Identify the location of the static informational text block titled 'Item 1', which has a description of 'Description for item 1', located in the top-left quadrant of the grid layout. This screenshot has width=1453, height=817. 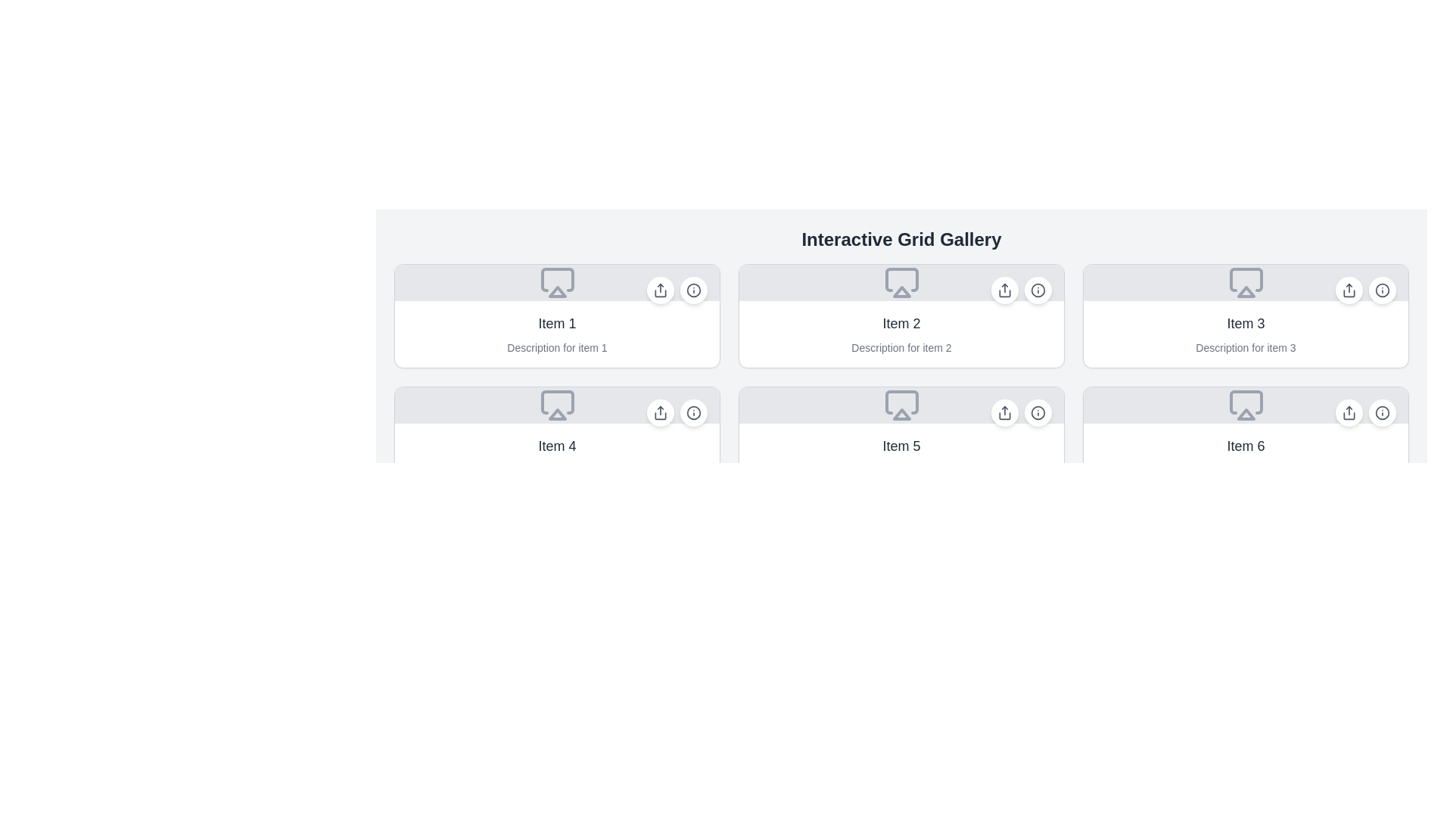
(556, 334).